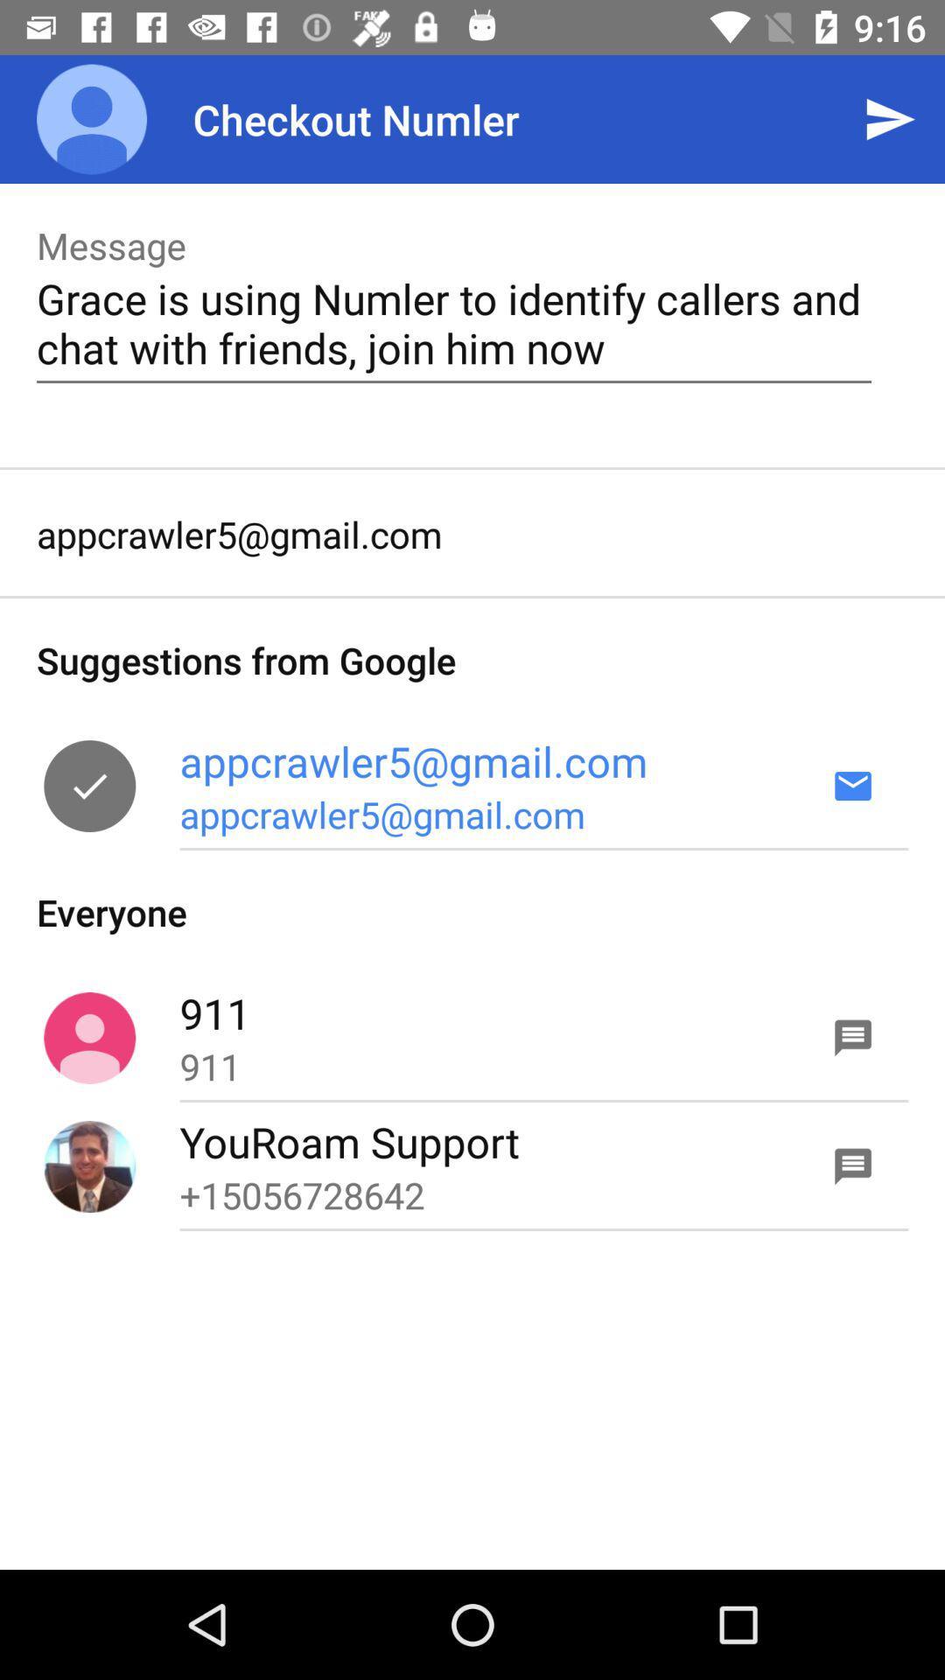  What do you see at coordinates (890, 118) in the screenshot?
I see `the item next to the checkout numler item` at bounding box center [890, 118].